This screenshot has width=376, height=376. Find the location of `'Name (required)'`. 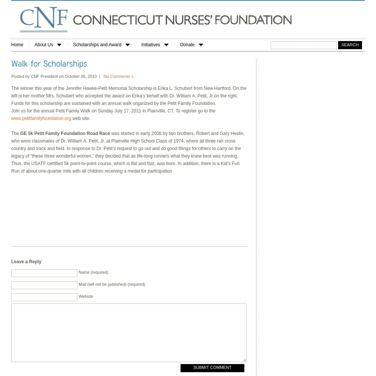

'Name (required)' is located at coordinates (93, 271).